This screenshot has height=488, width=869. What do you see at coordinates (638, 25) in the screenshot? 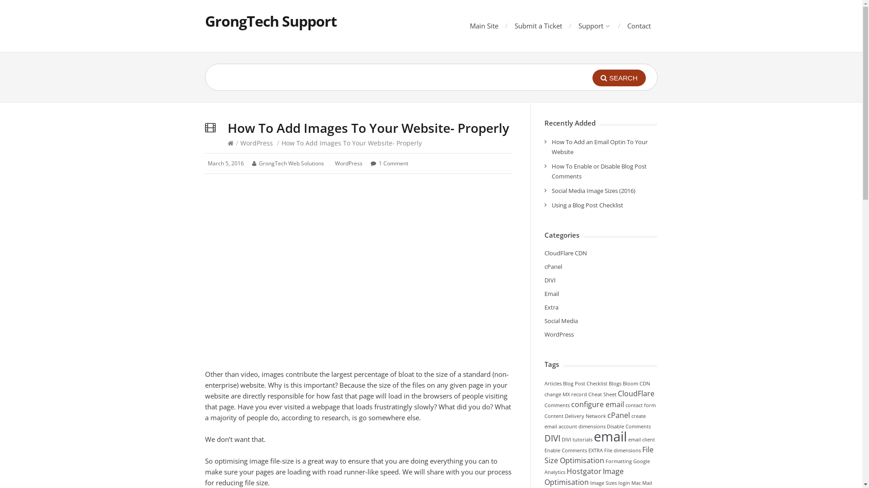
I see `'Contact'` at bounding box center [638, 25].